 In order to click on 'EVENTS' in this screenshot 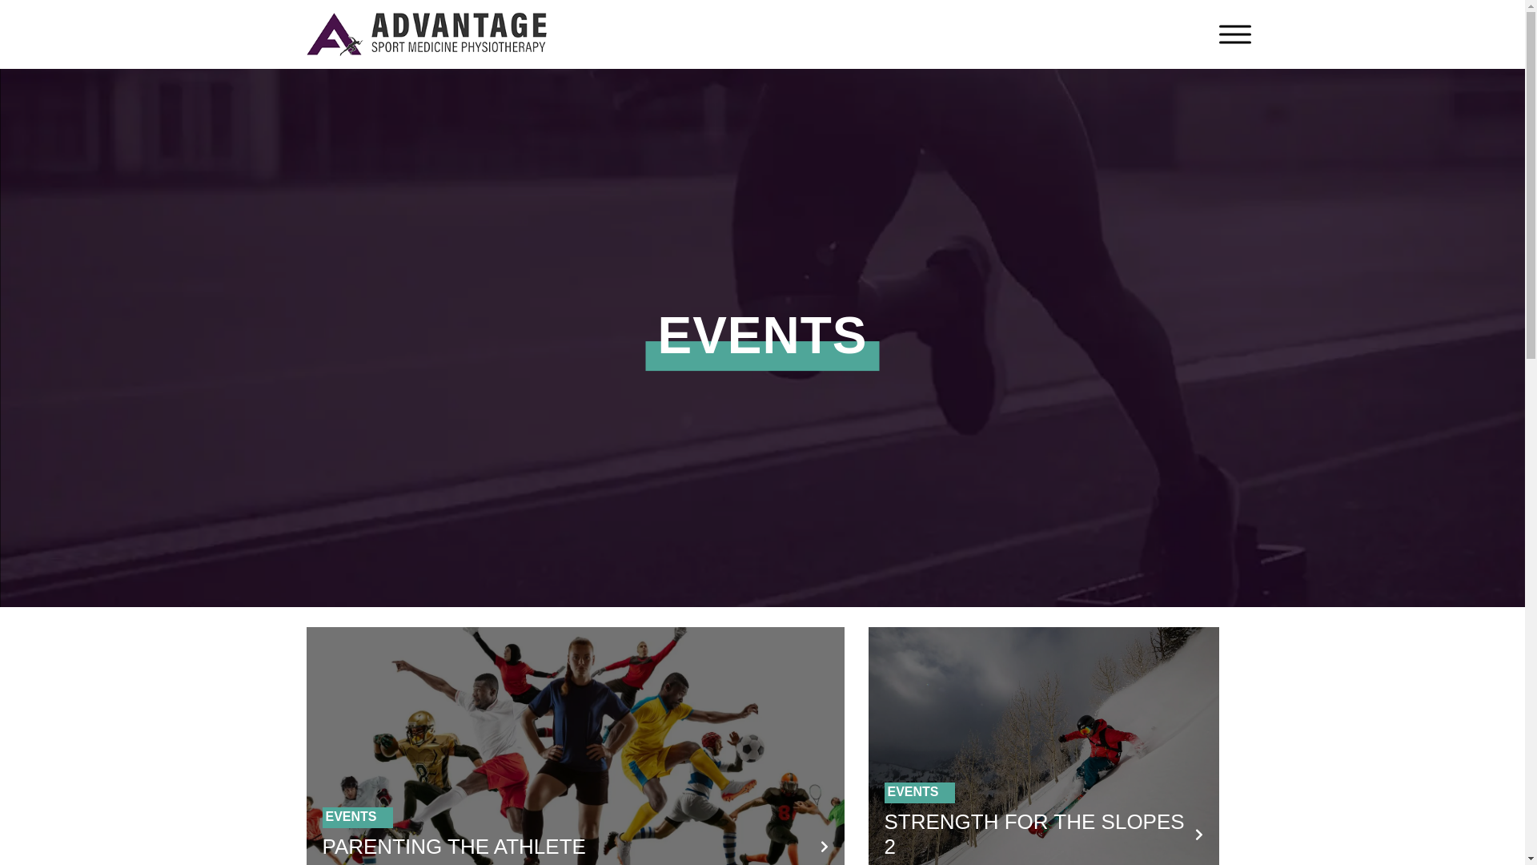, I will do `click(324, 816)`.